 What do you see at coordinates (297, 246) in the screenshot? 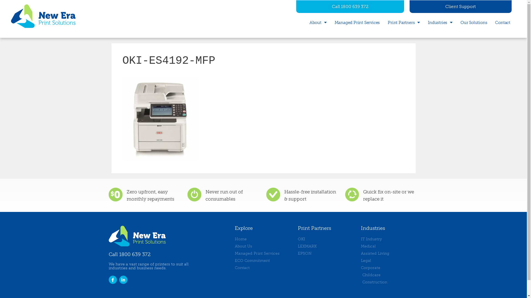
I see `'LEXMARK'` at bounding box center [297, 246].